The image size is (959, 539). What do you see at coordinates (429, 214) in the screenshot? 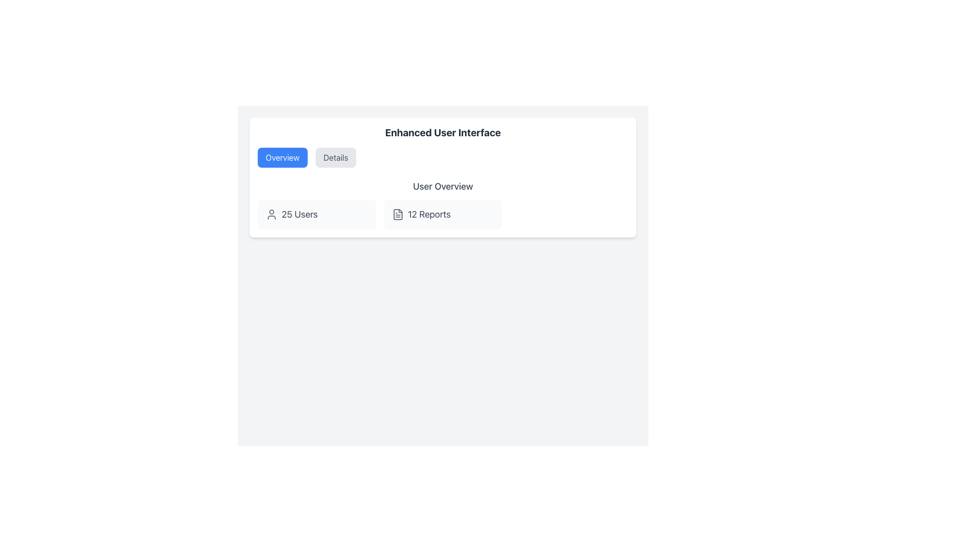
I see `the text label that provides a summary of reports, located in the second column under the 'User Overview' section, next to the document icon` at bounding box center [429, 214].